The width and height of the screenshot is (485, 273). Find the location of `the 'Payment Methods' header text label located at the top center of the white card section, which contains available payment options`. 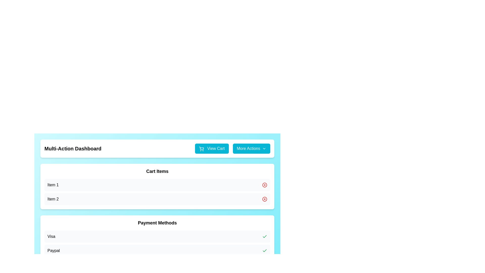

the 'Payment Methods' header text label located at the top center of the white card section, which contains available payment options is located at coordinates (157, 223).